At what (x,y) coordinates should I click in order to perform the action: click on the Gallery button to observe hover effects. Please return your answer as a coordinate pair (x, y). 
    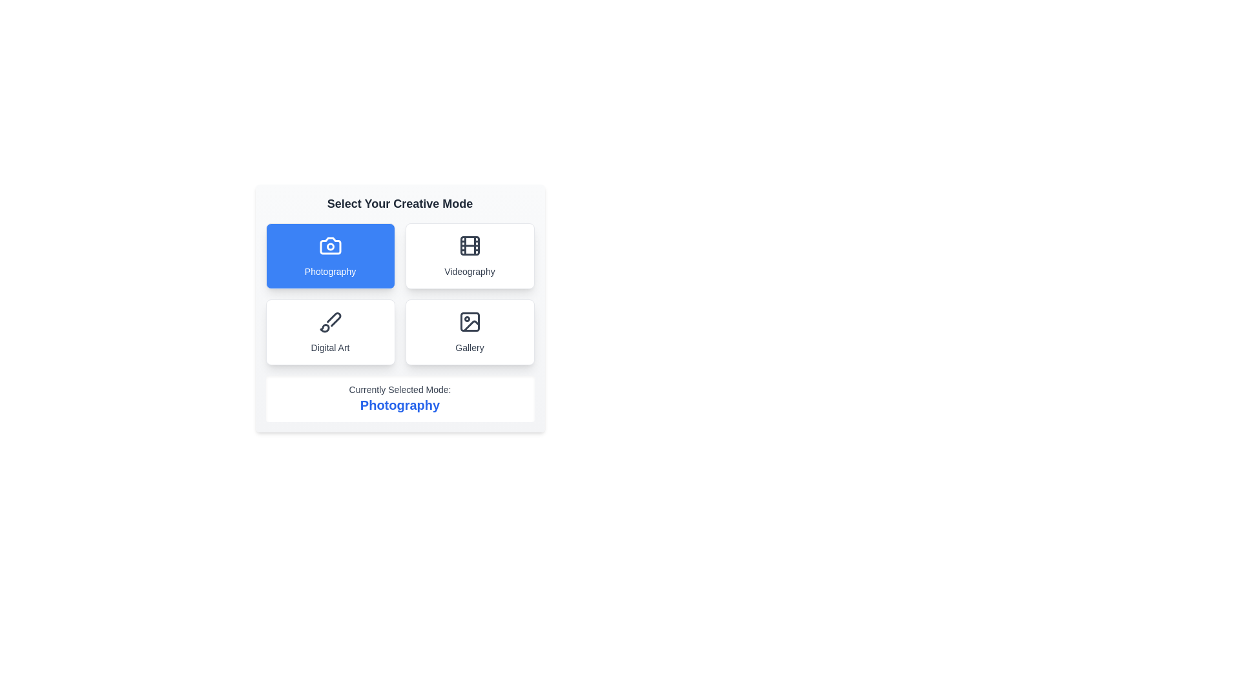
    Looking at the image, I should click on (469, 332).